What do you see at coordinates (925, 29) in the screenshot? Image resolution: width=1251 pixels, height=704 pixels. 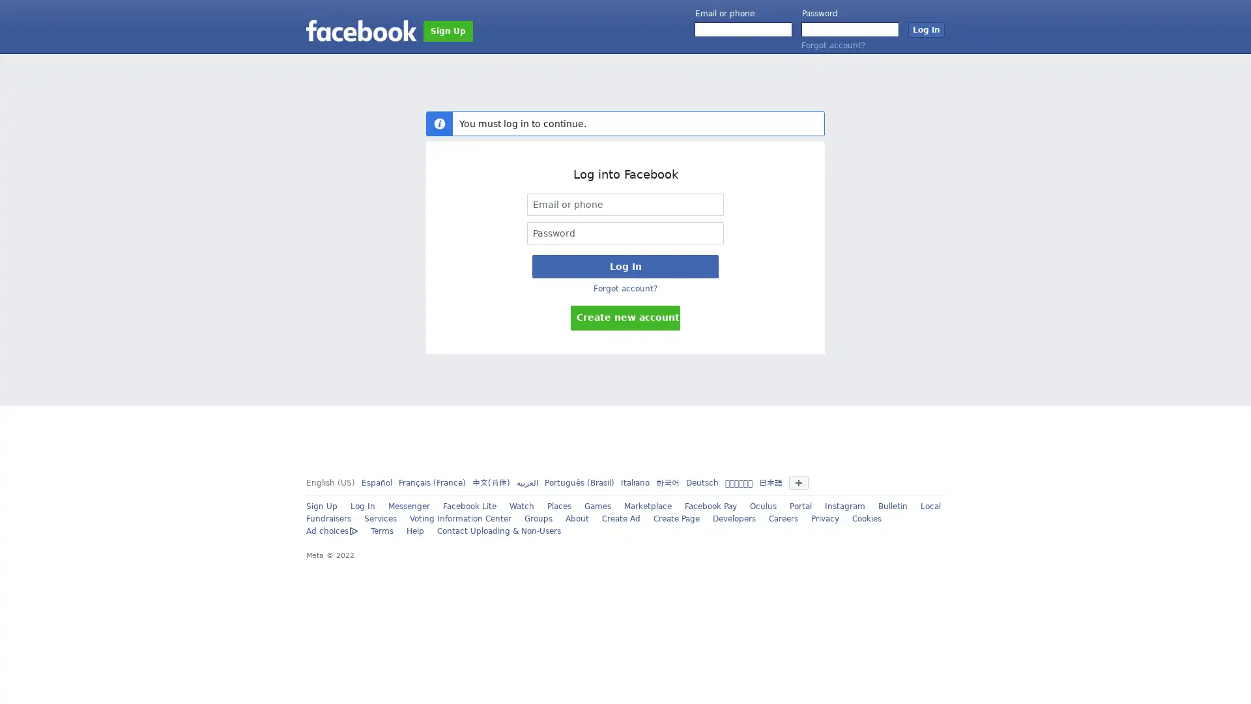 I see `Log in` at bounding box center [925, 29].